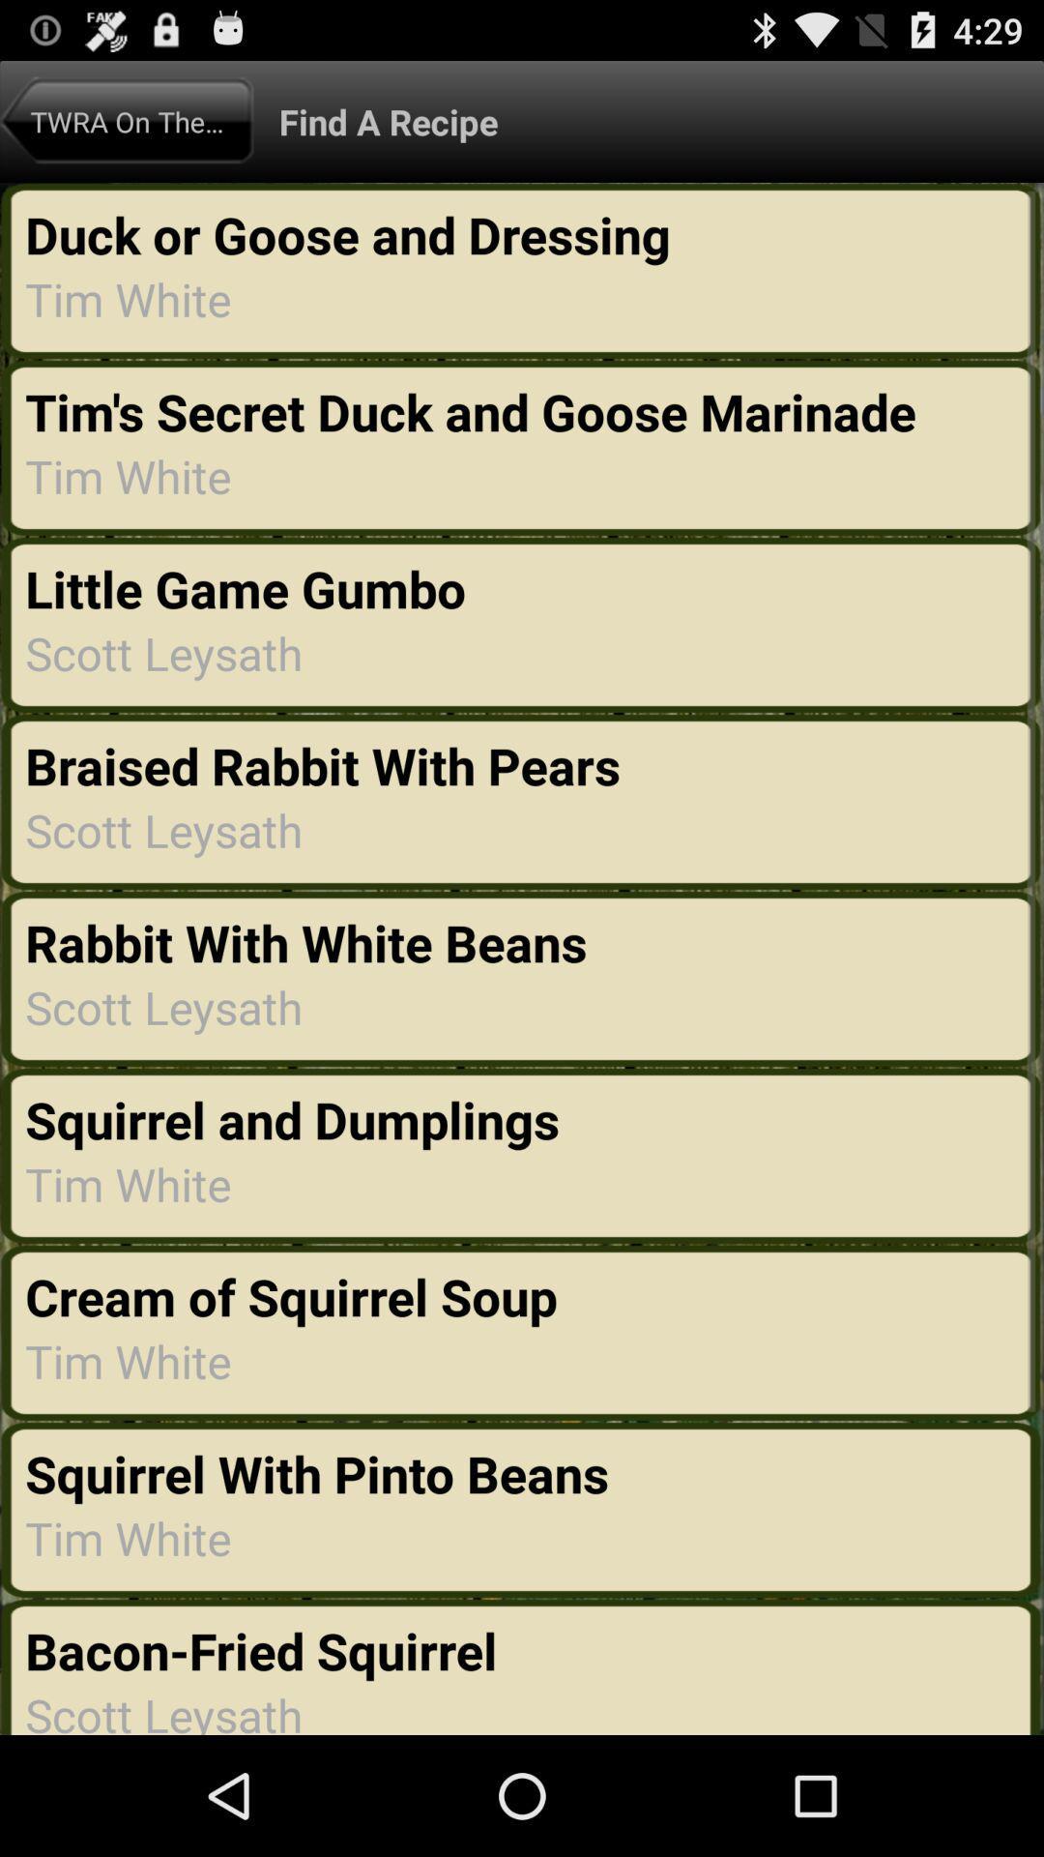  I want to click on tim s secret app, so click(477, 410).